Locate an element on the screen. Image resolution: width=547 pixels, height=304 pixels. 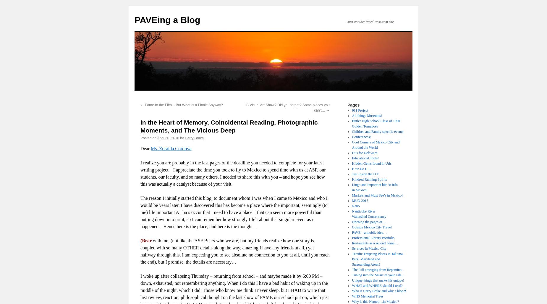
'All things Museums!' is located at coordinates (366, 116).